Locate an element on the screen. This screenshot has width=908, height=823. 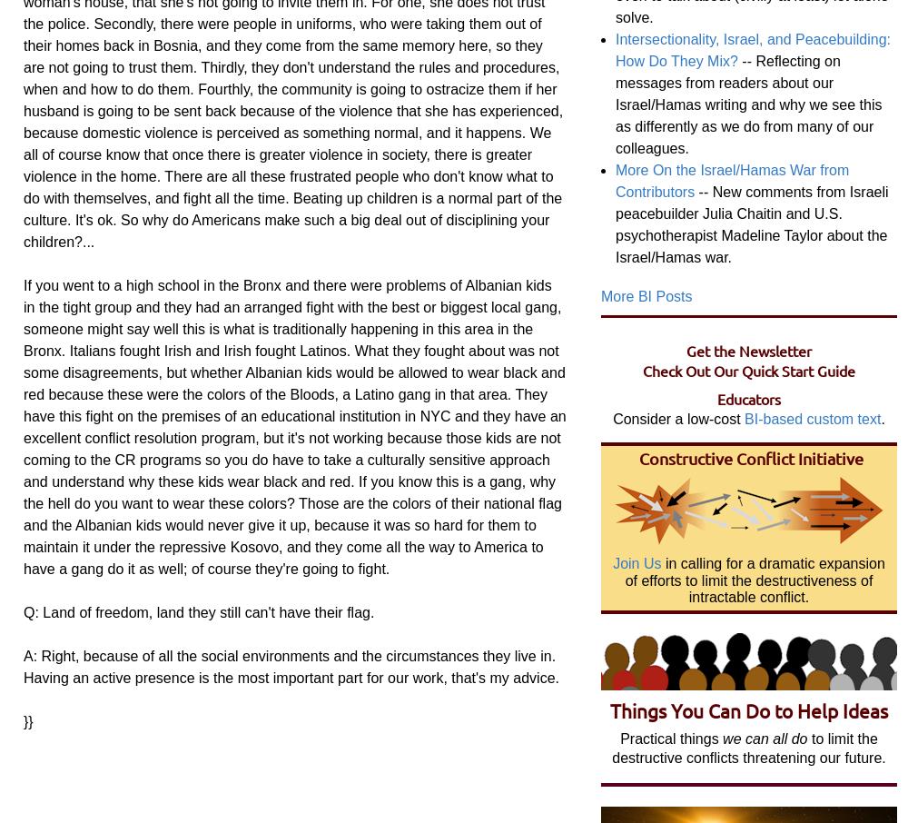
'we can all do' is located at coordinates (764, 739).